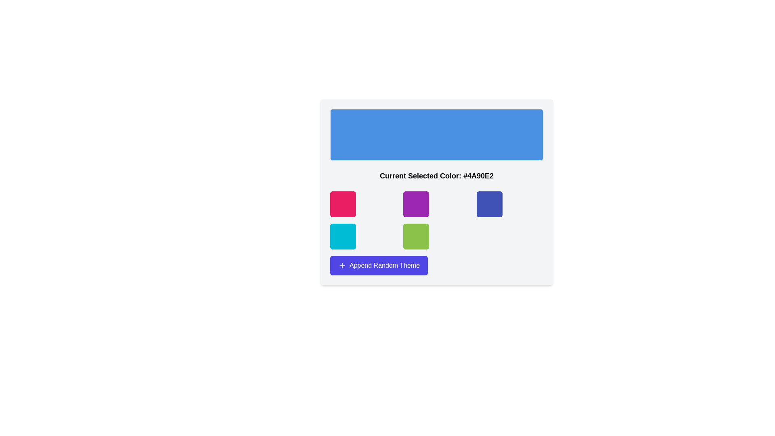  Describe the element at coordinates (342, 266) in the screenshot. I see `the icon within the 'Append Random Theme' button that indicates the ability to append or add something` at that location.